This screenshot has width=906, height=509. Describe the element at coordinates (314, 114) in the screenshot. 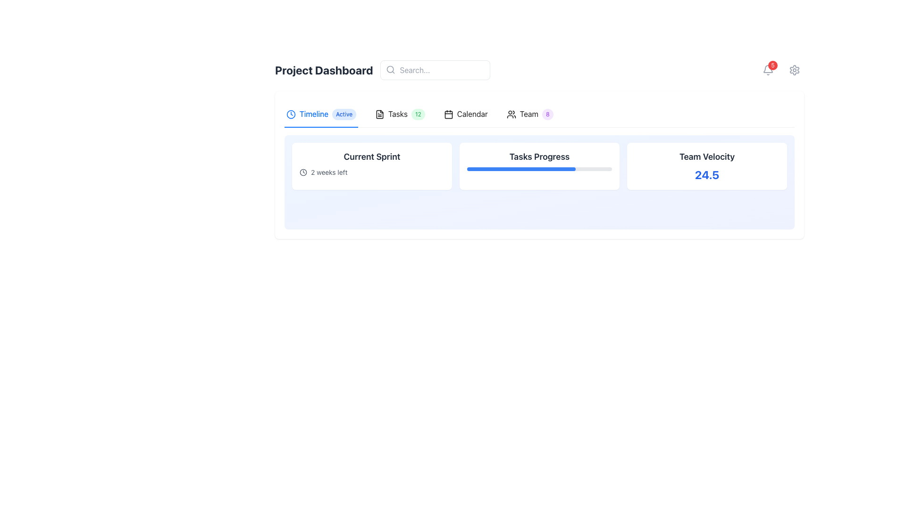

I see `the 'Timeline' navigation label positioned between a clock icon and an 'Active' badge in the navigation bar` at that location.